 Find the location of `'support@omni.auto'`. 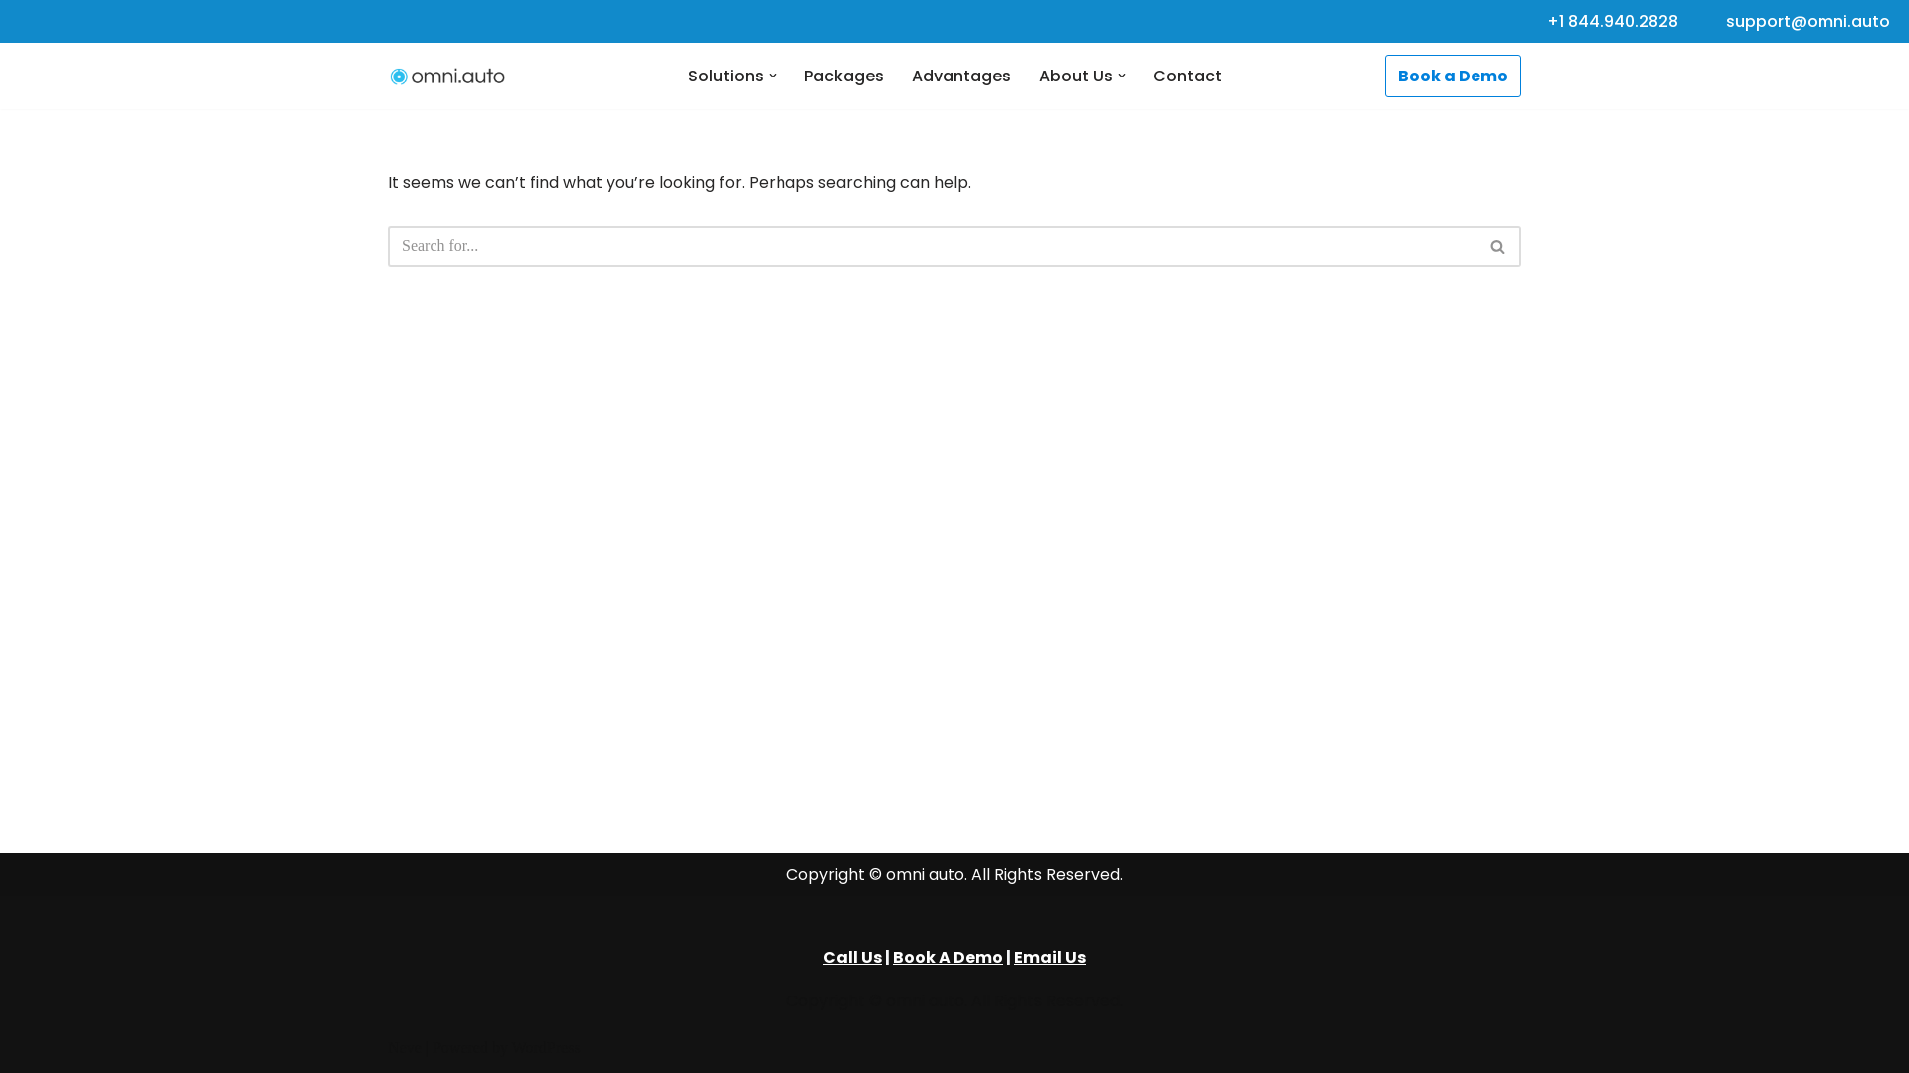

'support@omni.auto' is located at coordinates (1808, 21).